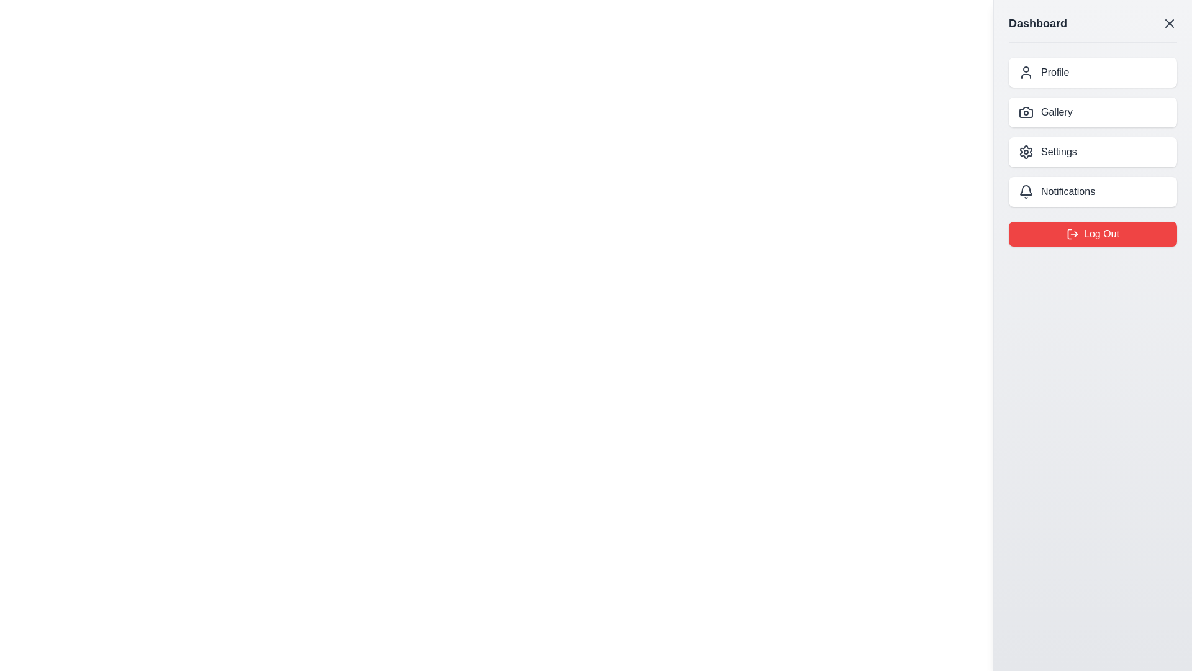 The width and height of the screenshot is (1192, 671). What do you see at coordinates (1069, 234) in the screenshot?
I see `the red 'Logout' button with a white rightward arrow icon located at the bottom of the right sidebar` at bounding box center [1069, 234].